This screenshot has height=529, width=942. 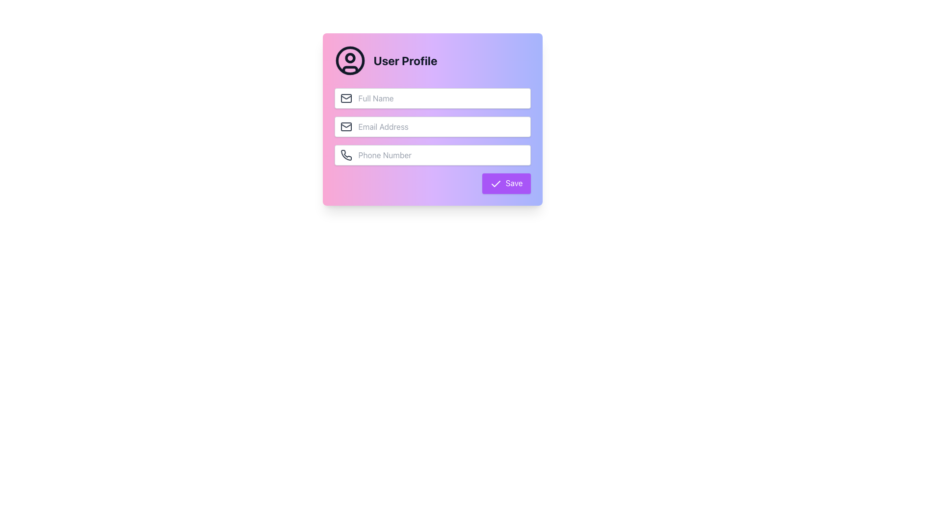 What do you see at coordinates (346, 126) in the screenshot?
I see `the first visual element of the email icon, which is a rectangular shape with rounded corners, located to the left of the 'Email Address' text box` at bounding box center [346, 126].